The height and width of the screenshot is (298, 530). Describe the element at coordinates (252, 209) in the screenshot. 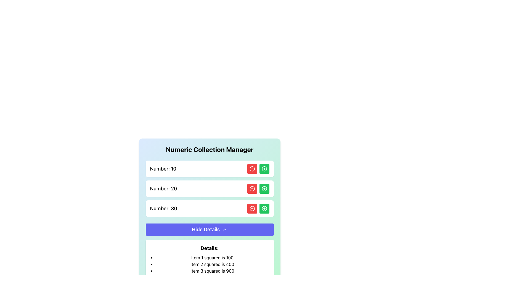

I see `the circular red 'minus' button located to the right of the 'Number: 30' text field in the bottommost entry of the numeric collection list` at that location.